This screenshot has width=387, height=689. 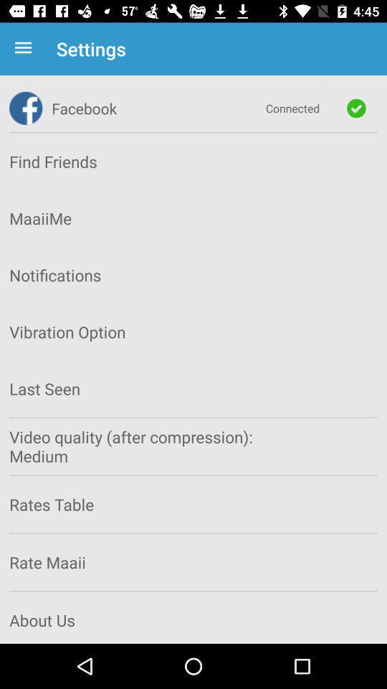 What do you see at coordinates (26, 49) in the screenshot?
I see `item next to settings` at bounding box center [26, 49].